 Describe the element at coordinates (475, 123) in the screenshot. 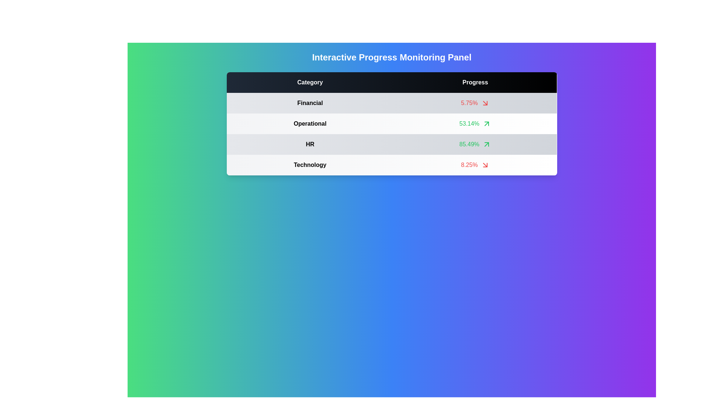

I see `the row corresponding to the Operational category` at that location.